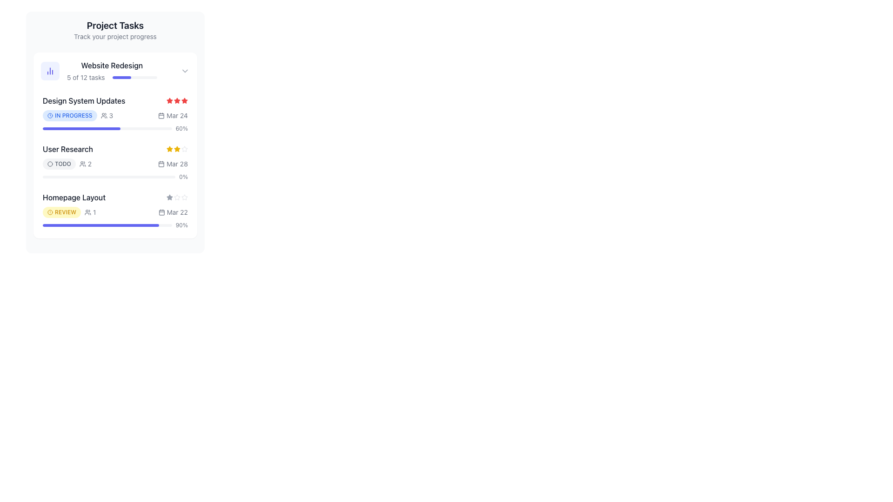 The image size is (893, 502). What do you see at coordinates (67, 148) in the screenshot?
I see `text label displaying 'User Research', which is a bold dark gray title located within the task list structure, above 'Homepage Layout' and below 'Design System Updates'` at bounding box center [67, 148].